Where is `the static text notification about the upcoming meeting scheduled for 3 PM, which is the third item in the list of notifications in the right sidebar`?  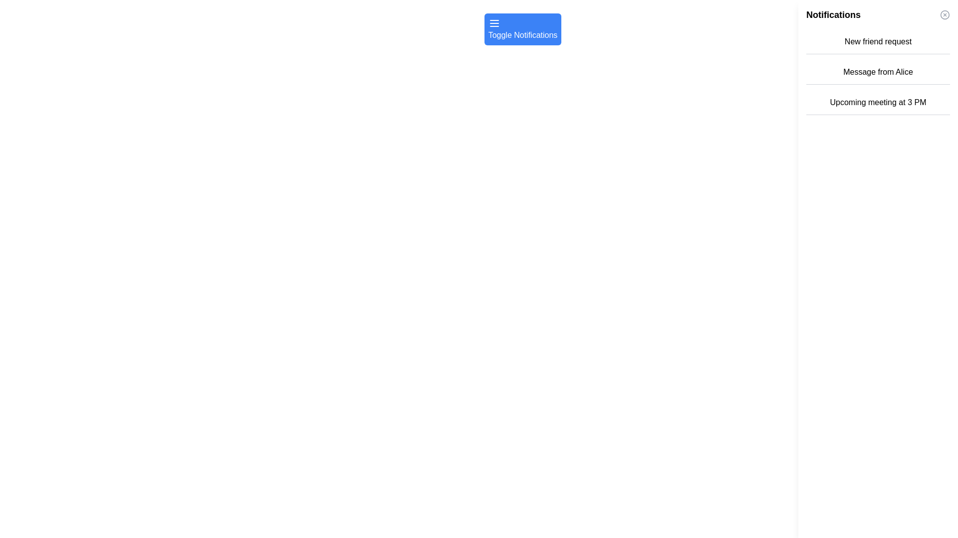
the static text notification about the upcoming meeting scheduled for 3 PM, which is the third item in the list of notifications in the right sidebar is located at coordinates (878, 103).